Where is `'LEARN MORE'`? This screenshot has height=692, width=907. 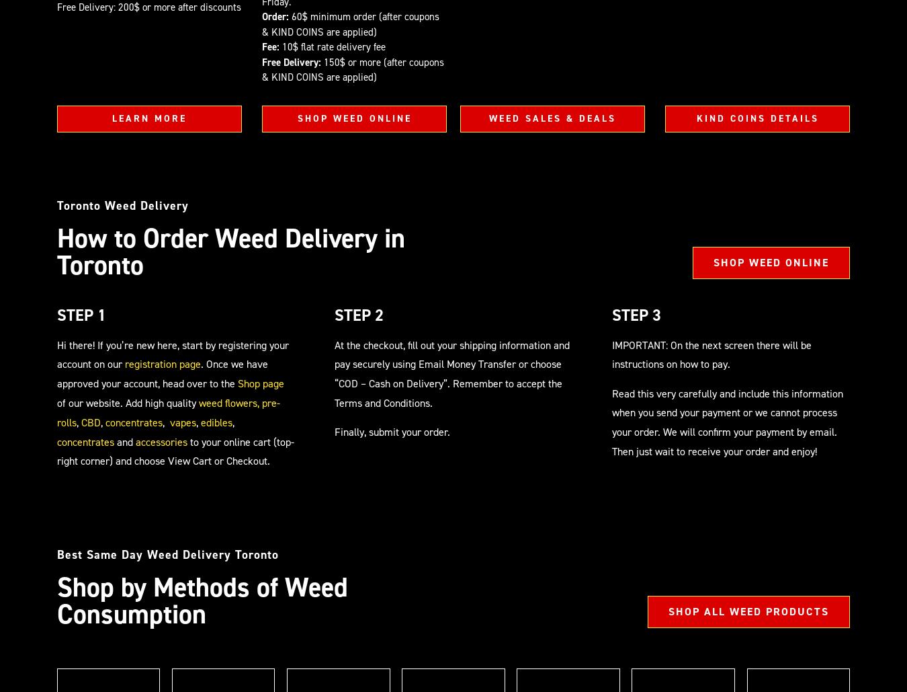 'LEARN MORE' is located at coordinates (149, 118).